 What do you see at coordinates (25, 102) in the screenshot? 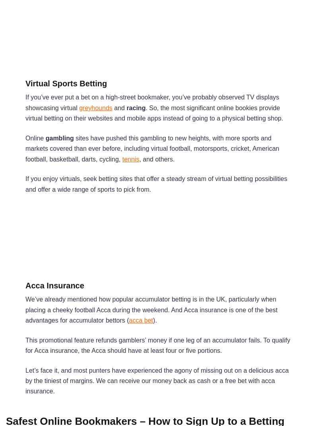
I see `'If you’ve ever put a bet on a high-street bookmaker, you’ve probably observed TV displays showcasing virtual'` at bounding box center [25, 102].